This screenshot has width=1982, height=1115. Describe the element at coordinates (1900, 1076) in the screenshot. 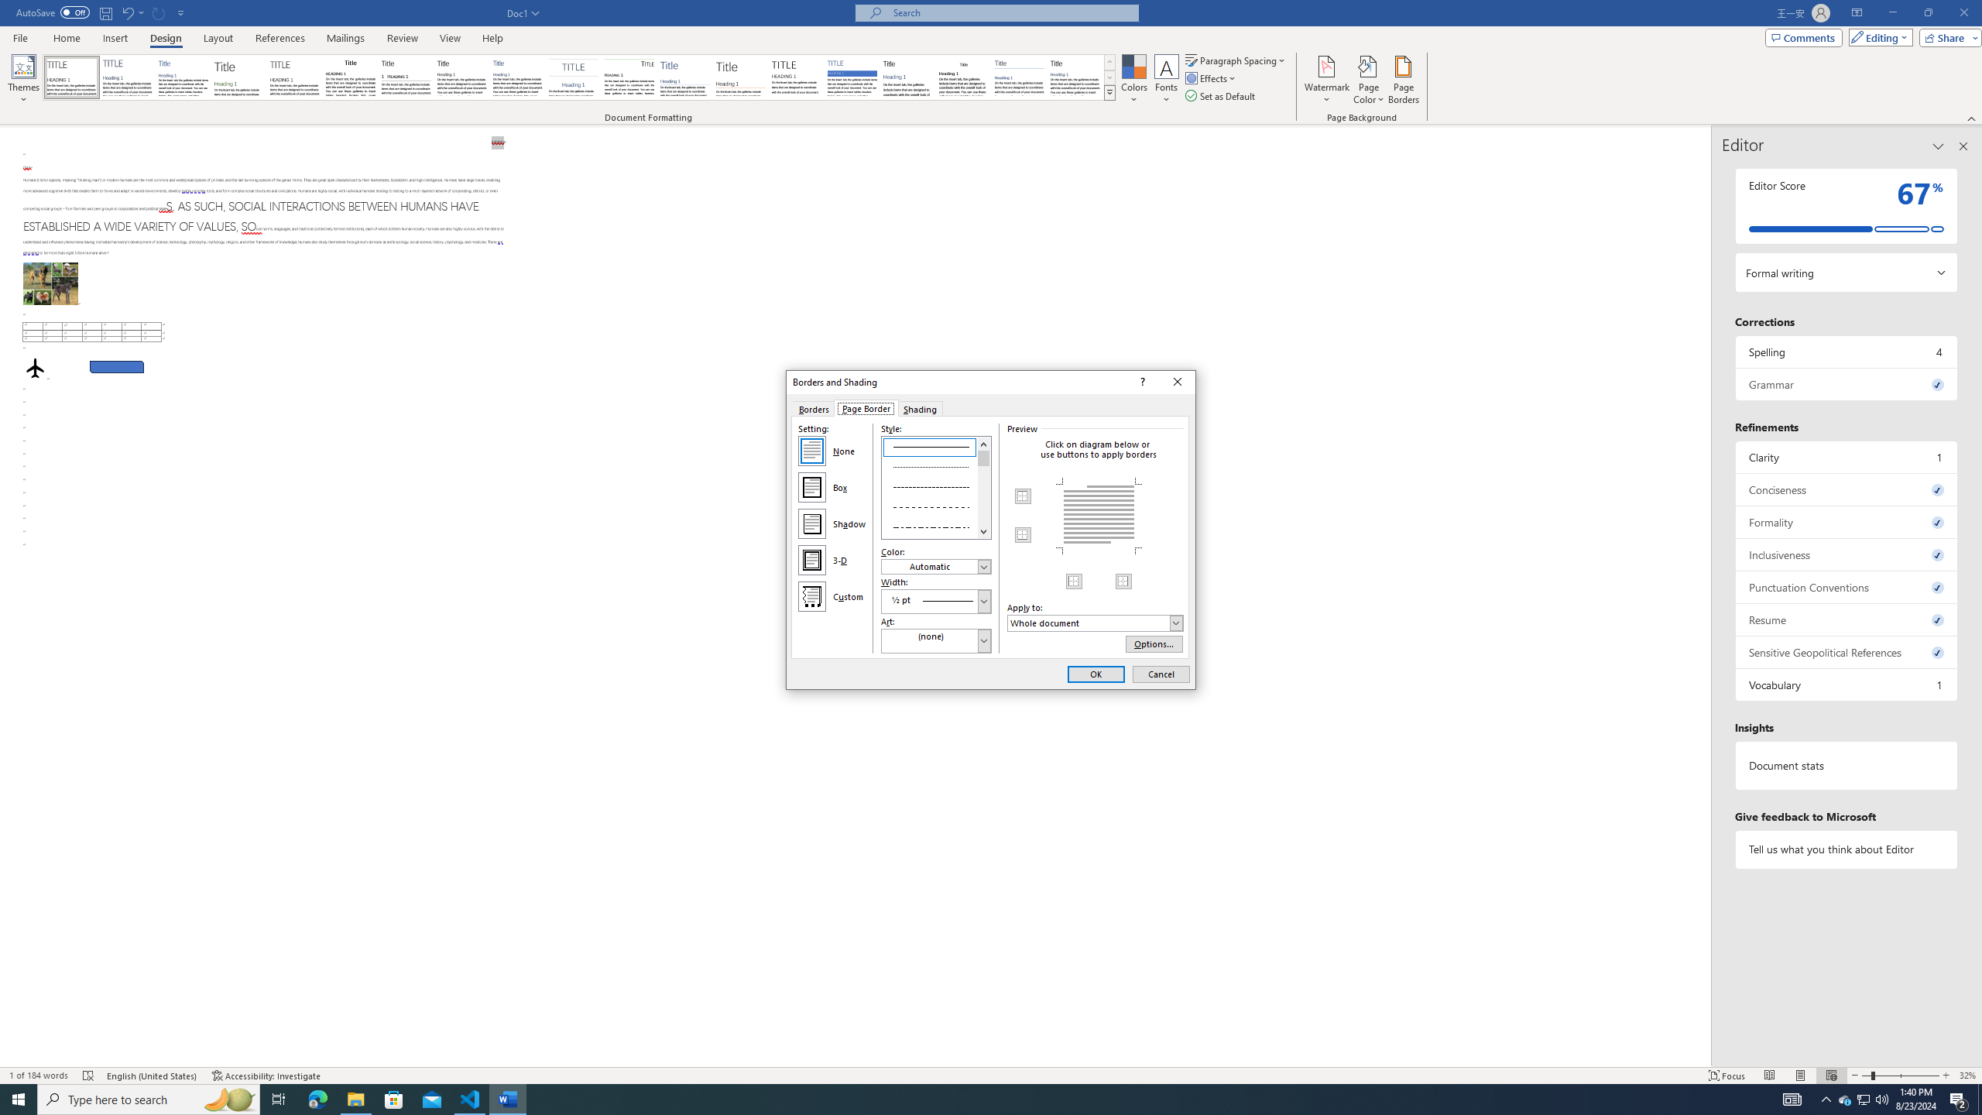

I see `'Zoom'` at that location.